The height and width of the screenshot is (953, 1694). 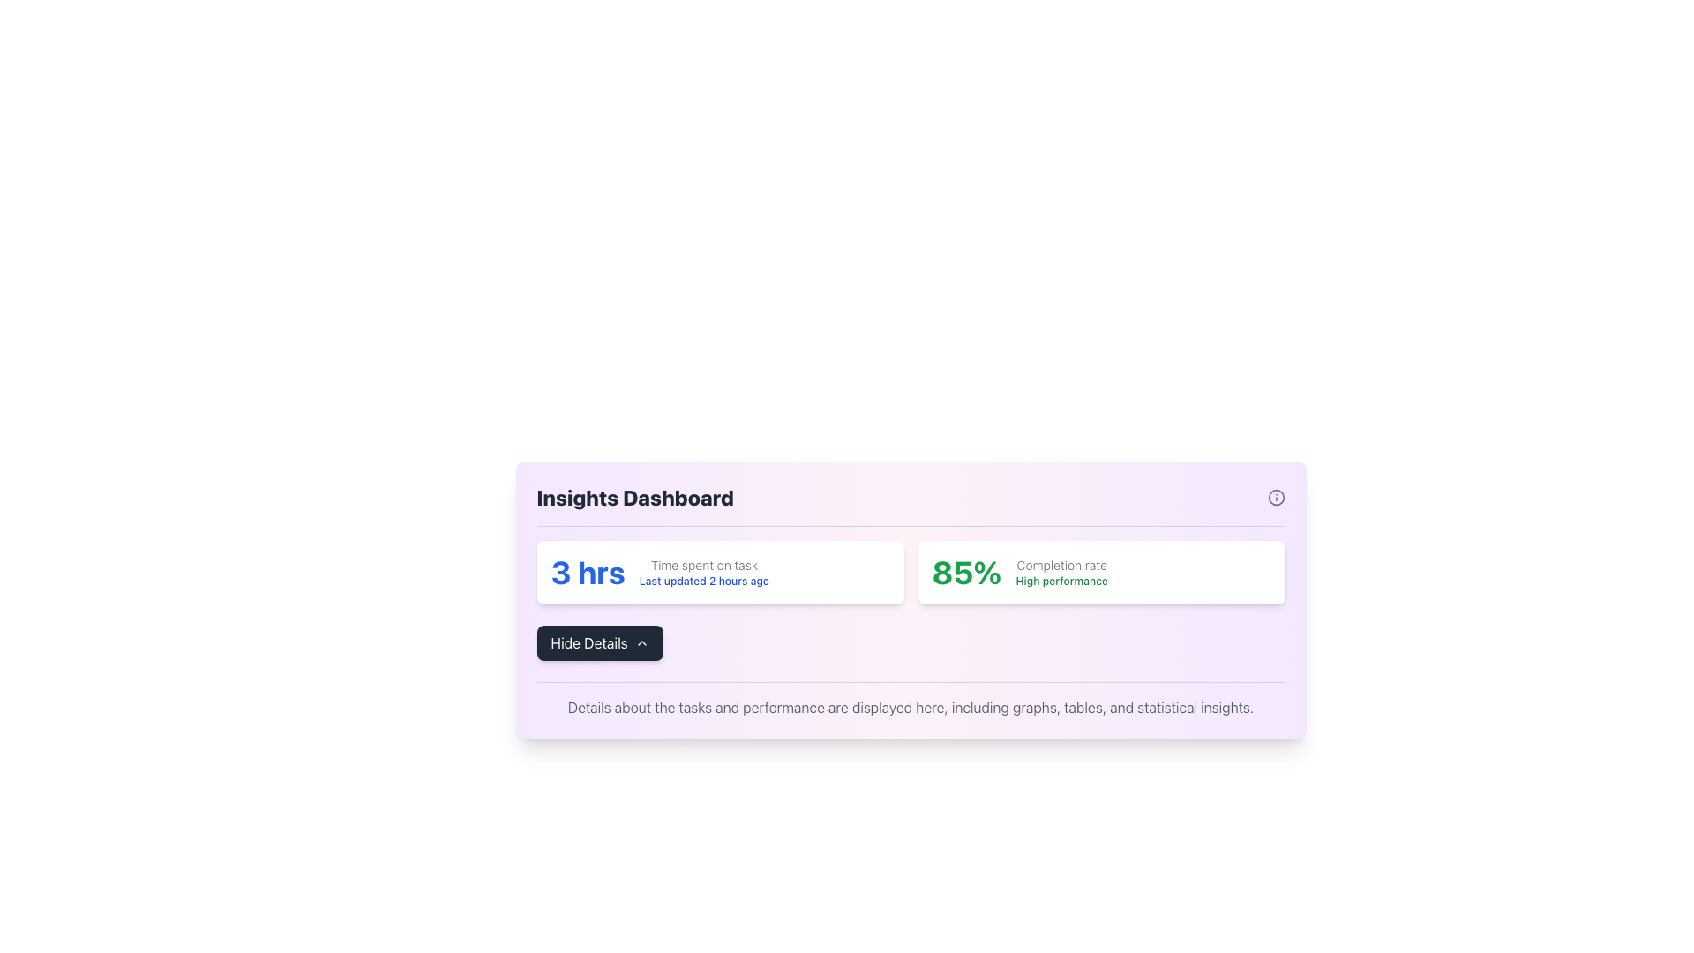 What do you see at coordinates (1276, 497) in the screenshot?
I see `the graphical decorative circle located at the top-right corner of the interface, adjacent to the completion rate section of the dashboard` at bounding box center [1276, 497].